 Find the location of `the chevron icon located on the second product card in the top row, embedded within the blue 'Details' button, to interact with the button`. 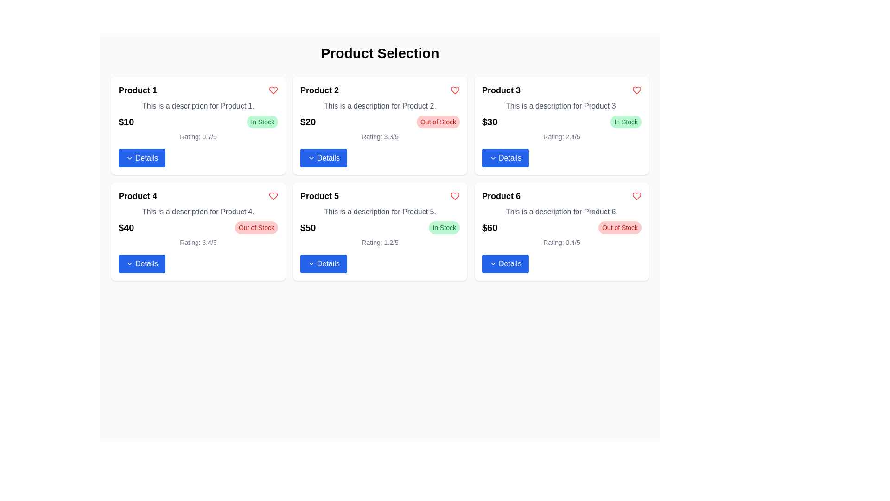

the chevron icon located on the second product card in the top row, embedded within the blue 'Details' button, to interact with the button is located at coordinates (311, 157).